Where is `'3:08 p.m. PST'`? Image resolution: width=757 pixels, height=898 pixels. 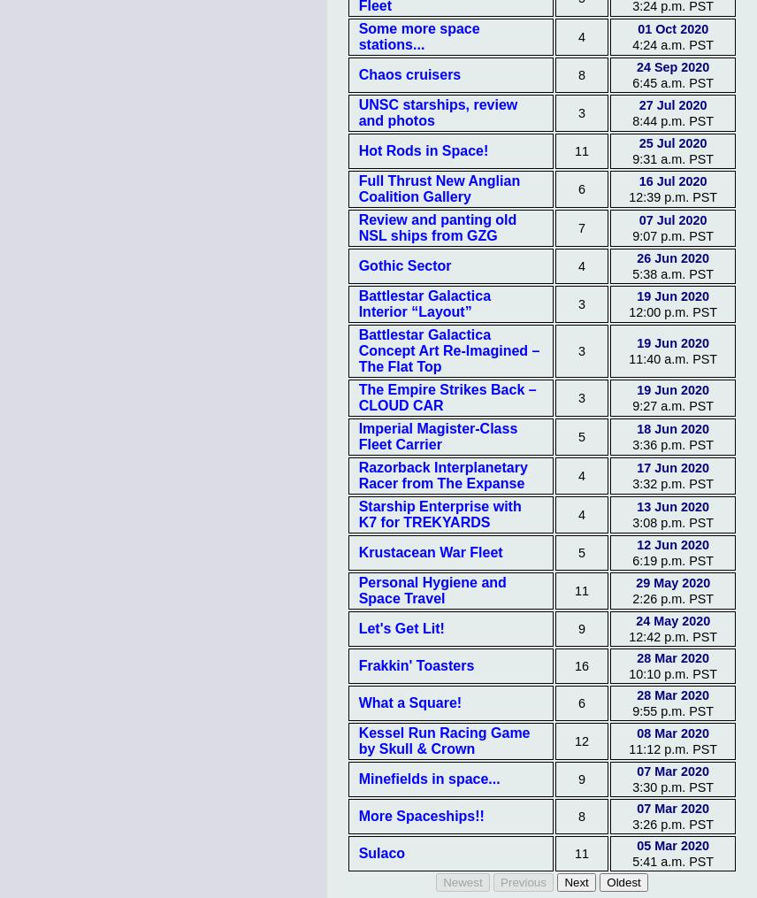 '3:08 p.m. PST' is located at coordinates (671, 522).